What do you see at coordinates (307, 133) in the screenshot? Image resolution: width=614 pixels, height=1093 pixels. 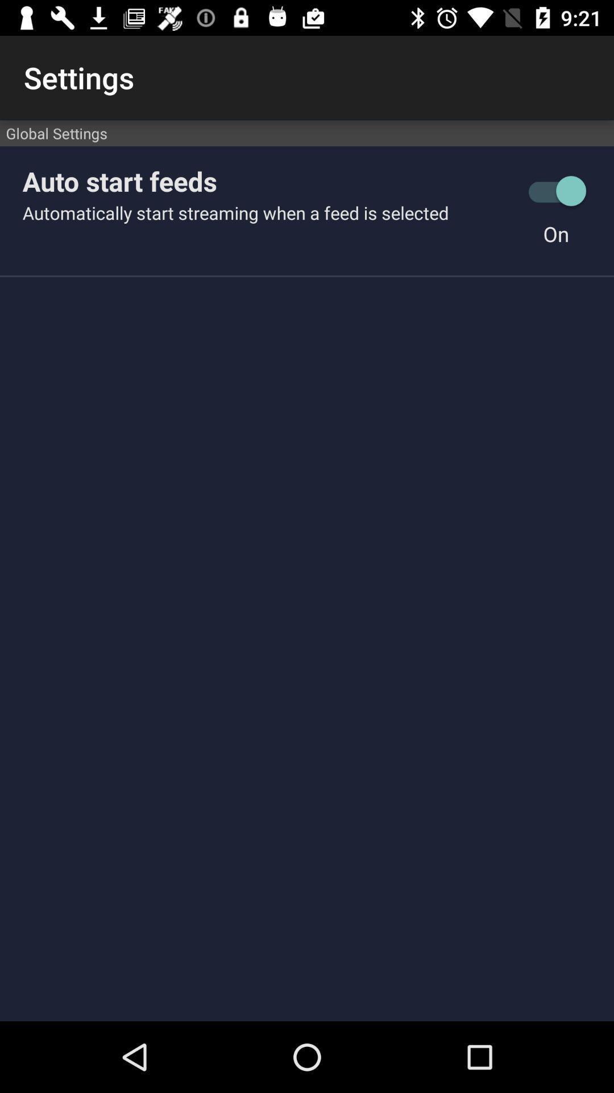 I see `item above auto start feeds` at bounding box center [307, 133].